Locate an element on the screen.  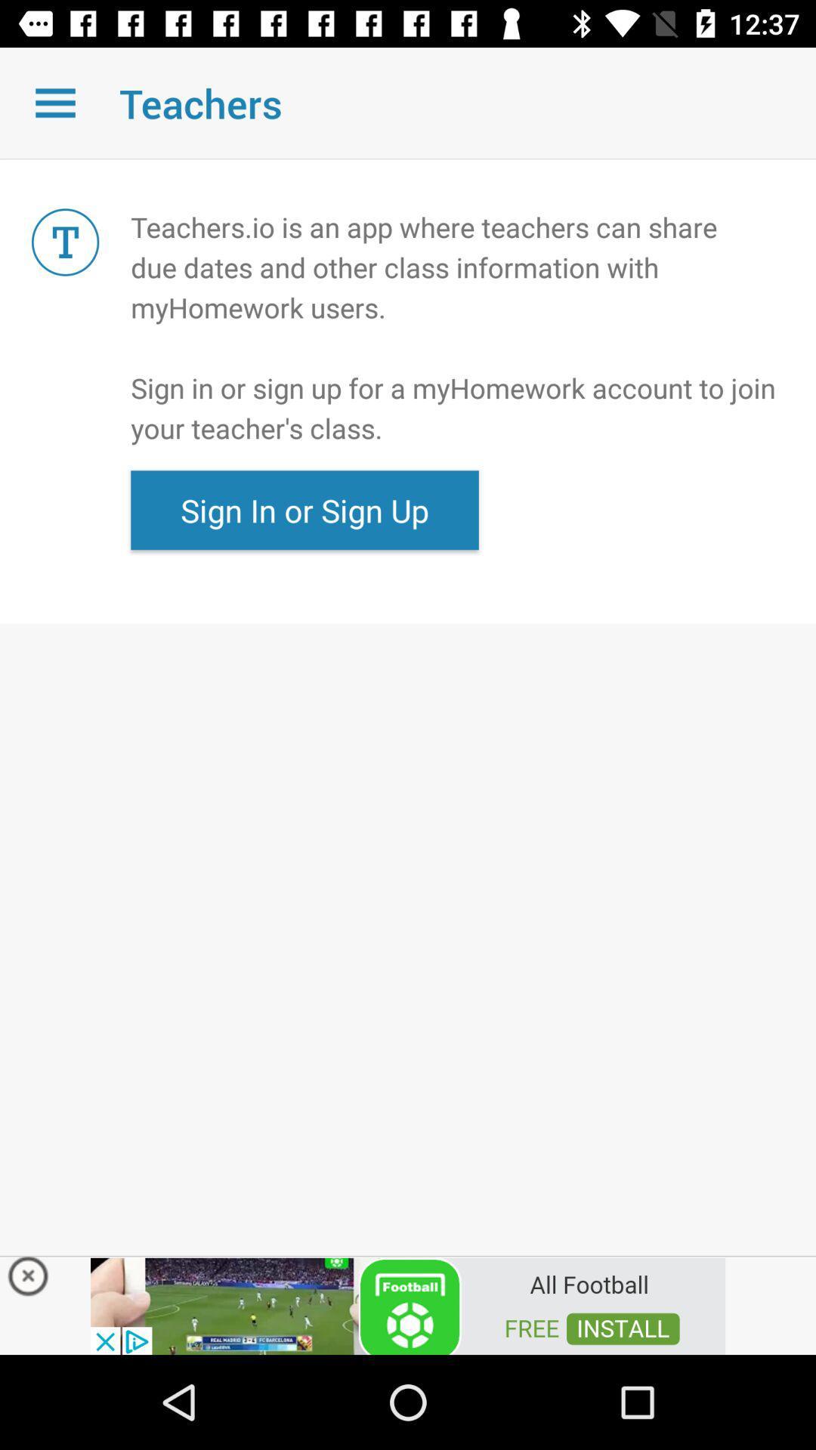
open a menu is located at coordinates (54, 102).